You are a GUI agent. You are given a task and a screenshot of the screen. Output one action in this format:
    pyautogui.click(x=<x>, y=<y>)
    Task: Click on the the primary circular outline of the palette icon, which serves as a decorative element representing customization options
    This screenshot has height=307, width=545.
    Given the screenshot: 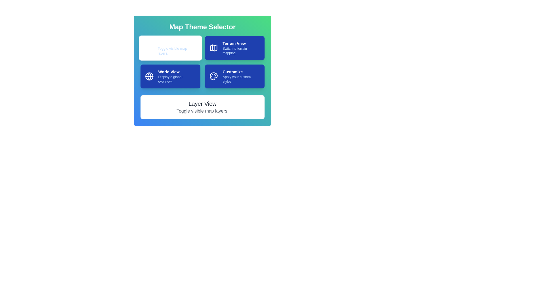 What is the action you would take?
    pyautogui.click(x=213, y=76)
    